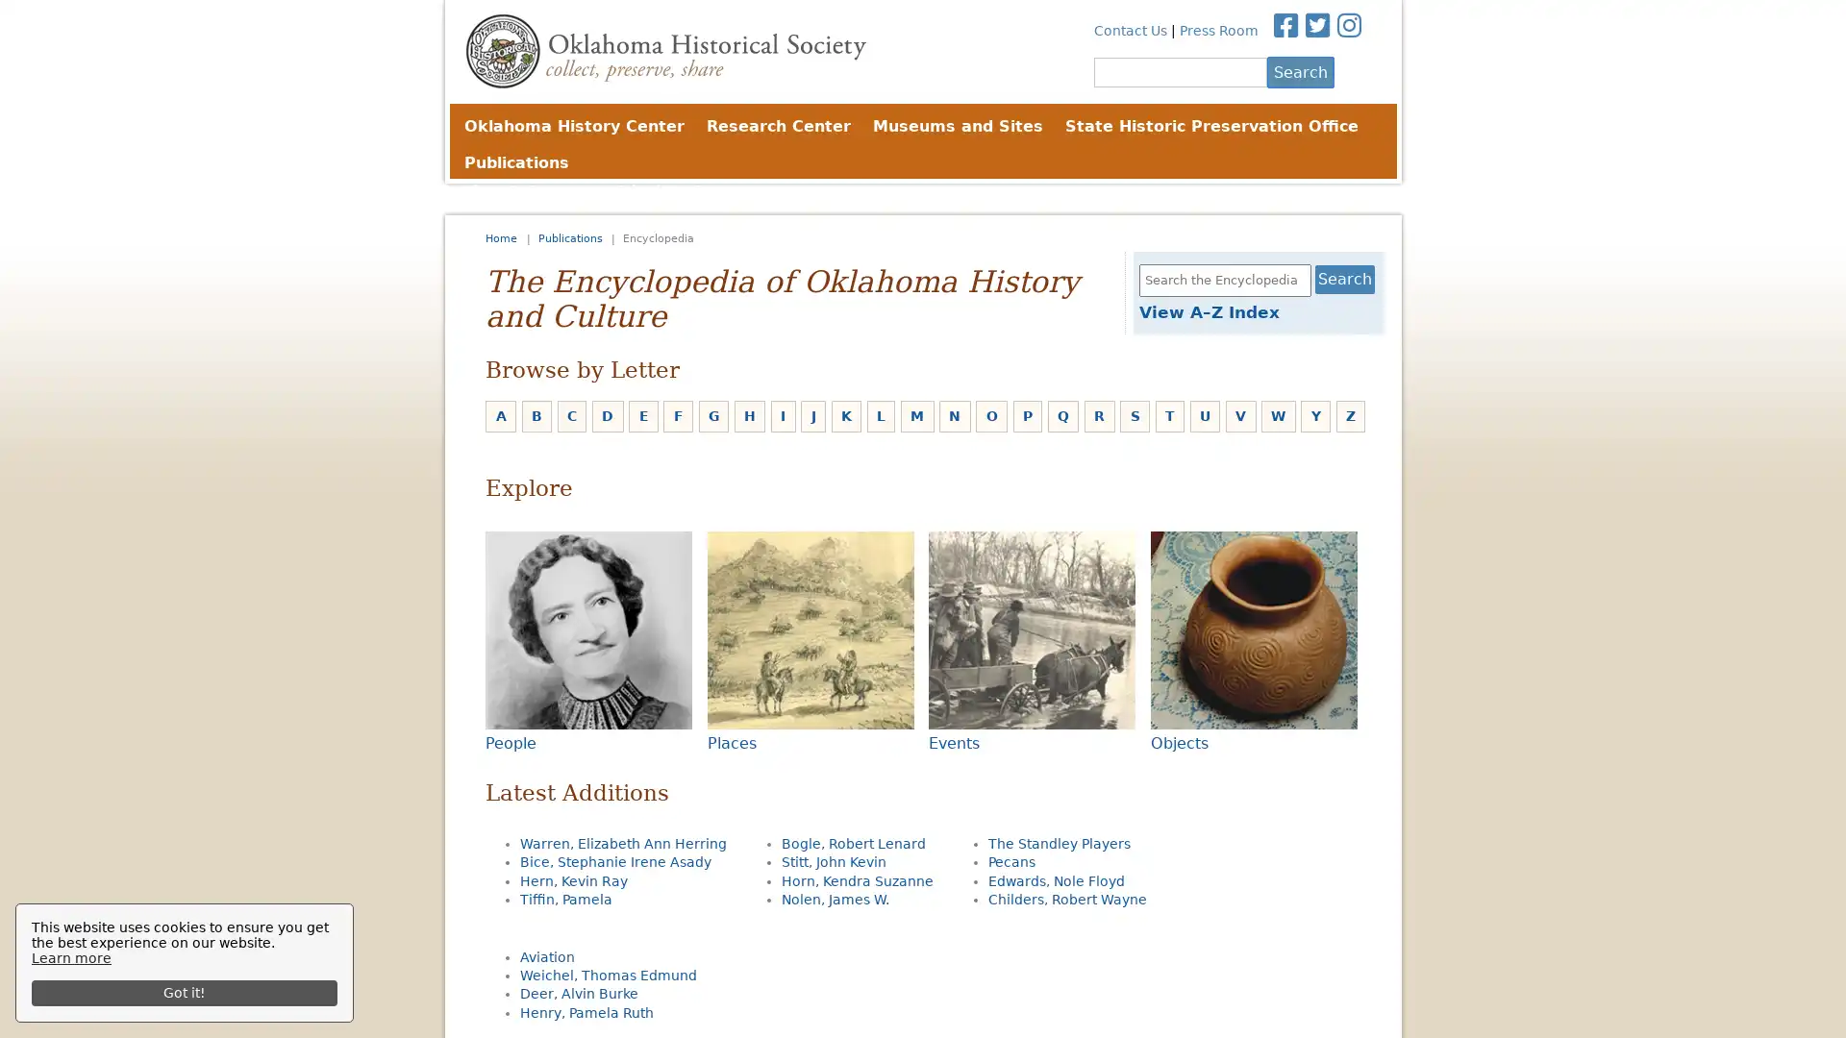  I want to click on Search, so click(1343, 279).